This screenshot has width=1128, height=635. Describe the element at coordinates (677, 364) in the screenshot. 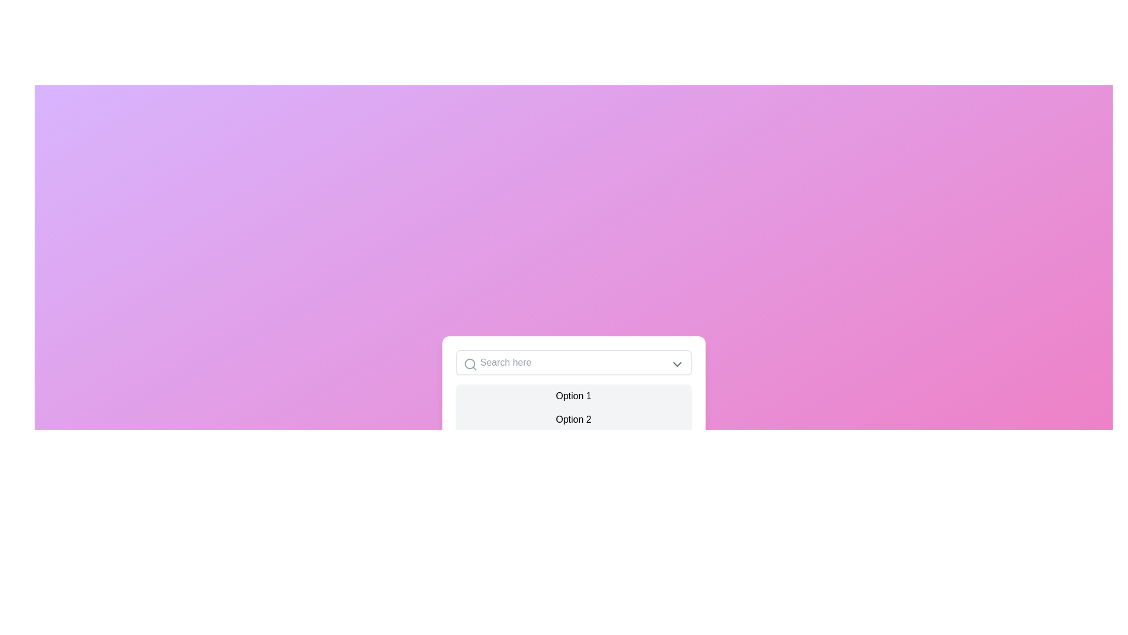

I see `the downward-facing chevron icon styled in gray located at the top-right corner of the search bar to trigger a visual response` at that location.